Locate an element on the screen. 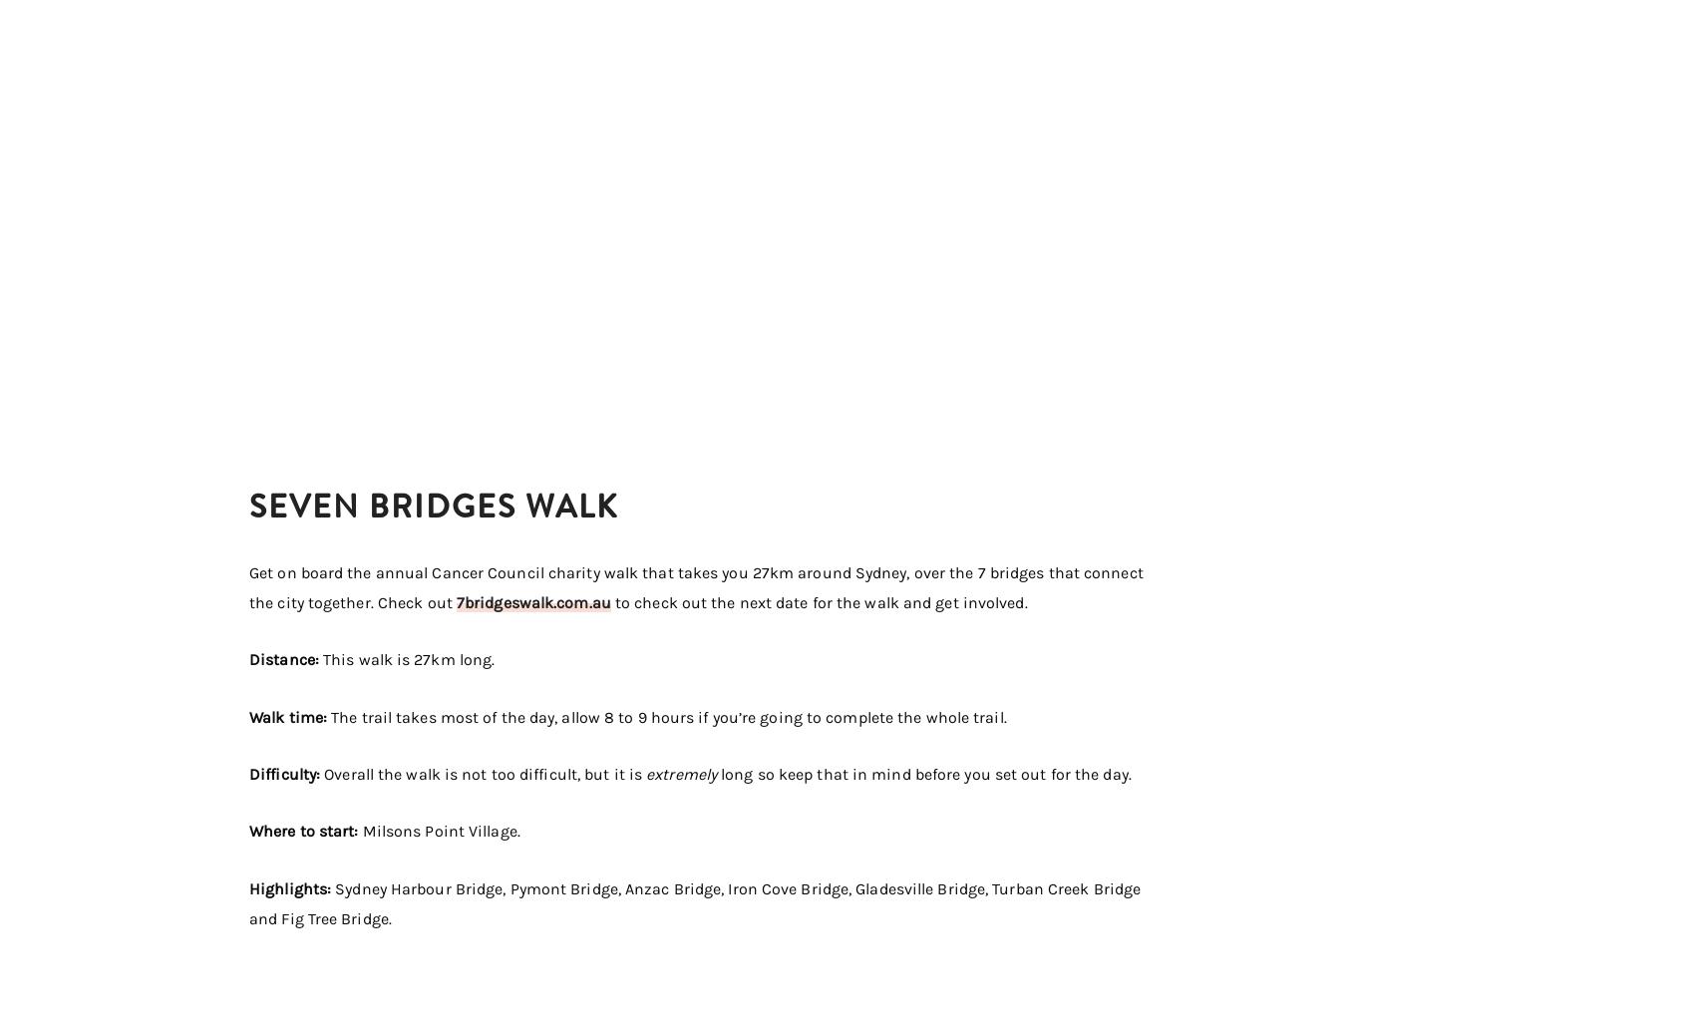 The height and width of the screenshot is (1033, 1695). 'Where to start:' is located at coordinates (249, 831).